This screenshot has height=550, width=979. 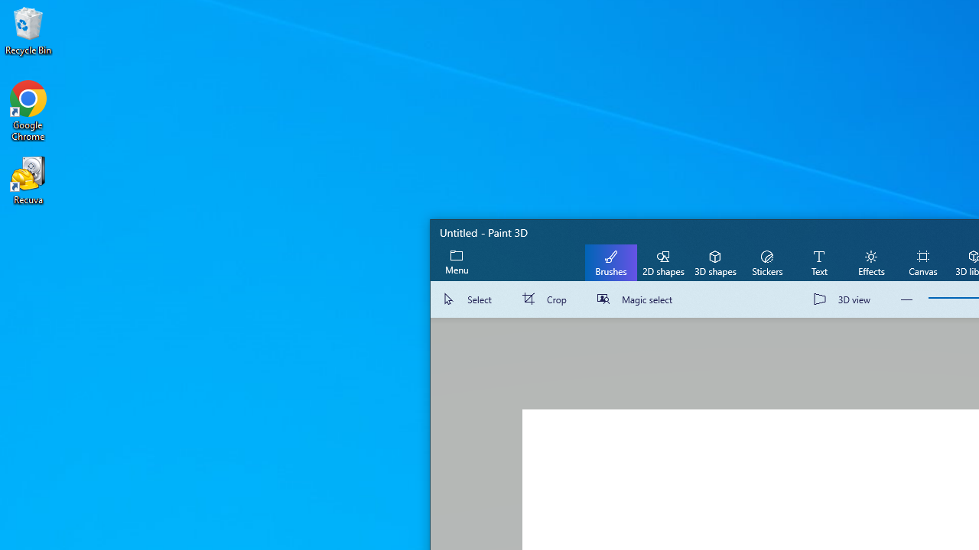 What do you see at coordinates (922, 261) in the screenshot?
I see `'Canvas'` at bounding box center [922, 261].